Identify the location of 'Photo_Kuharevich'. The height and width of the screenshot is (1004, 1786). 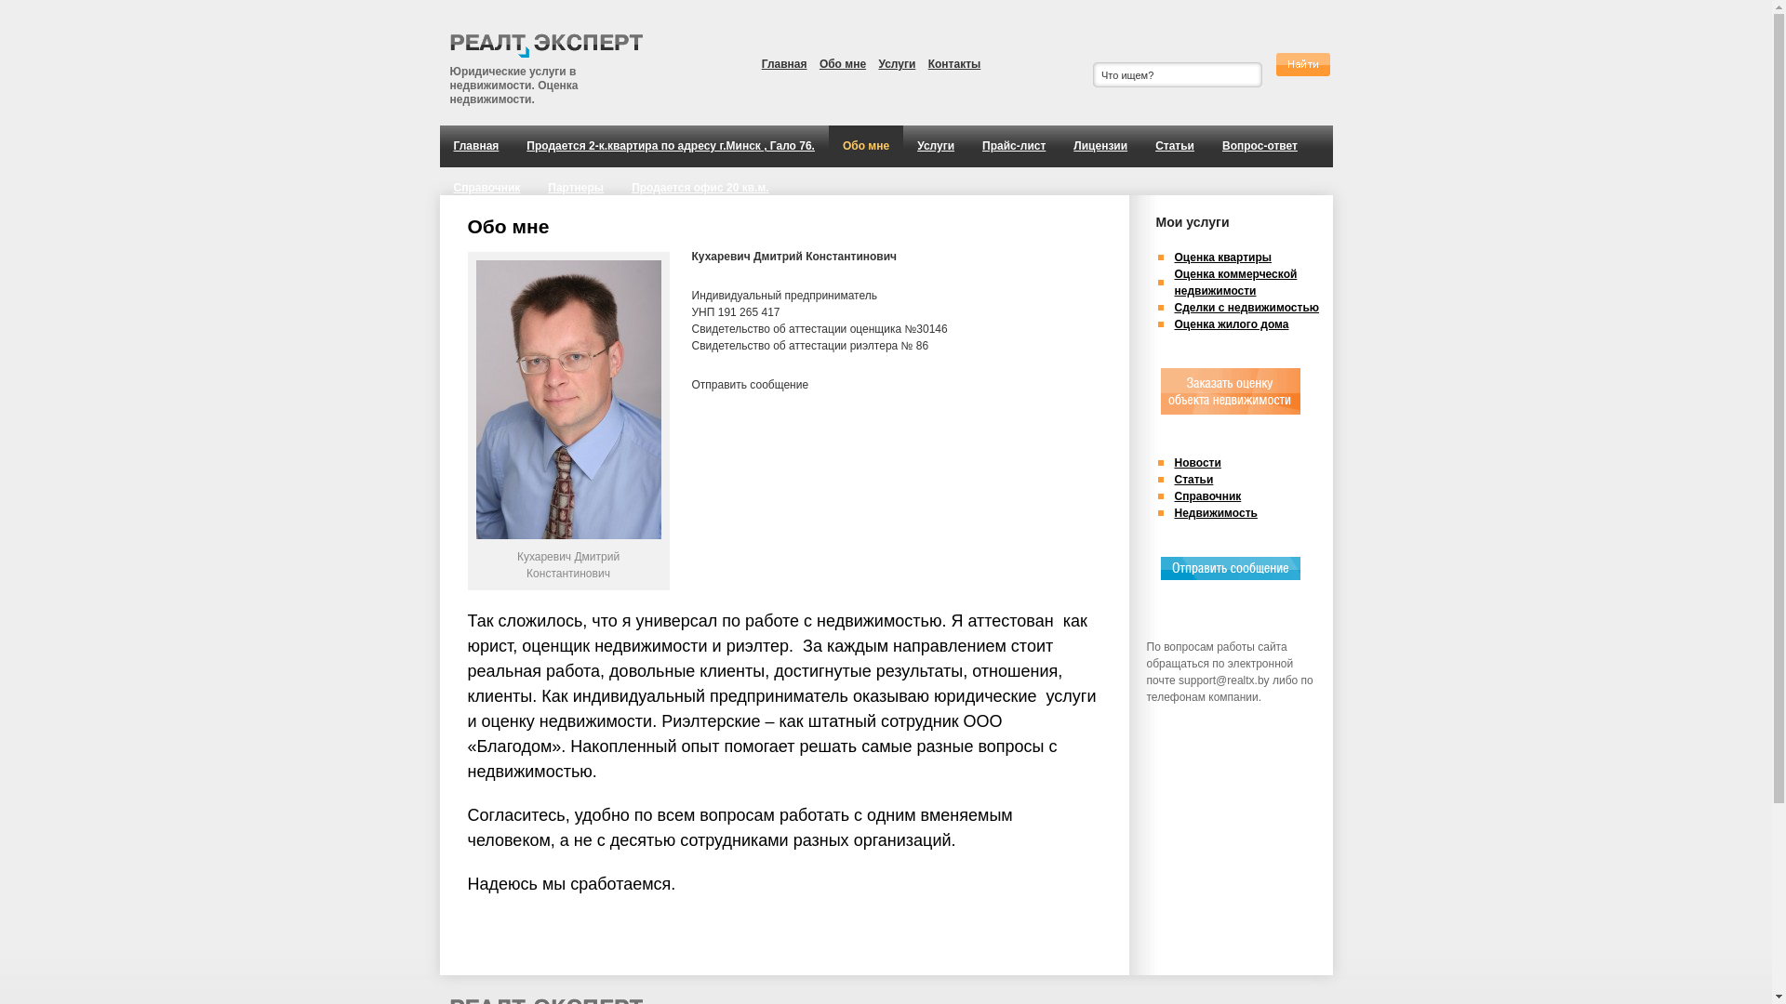
(476, 398).